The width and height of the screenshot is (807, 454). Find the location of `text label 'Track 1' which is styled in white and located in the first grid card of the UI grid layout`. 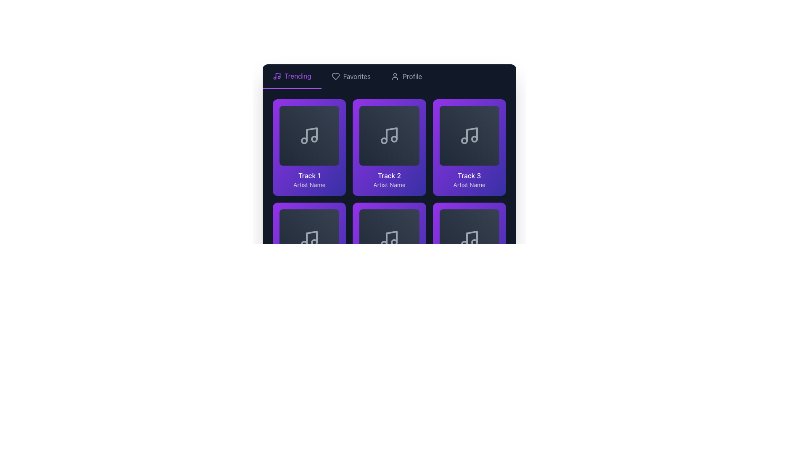

text label 'Track 1' which is styled in white and located in the first grid card of the UI grid layout is located at coordinates (309, 175).